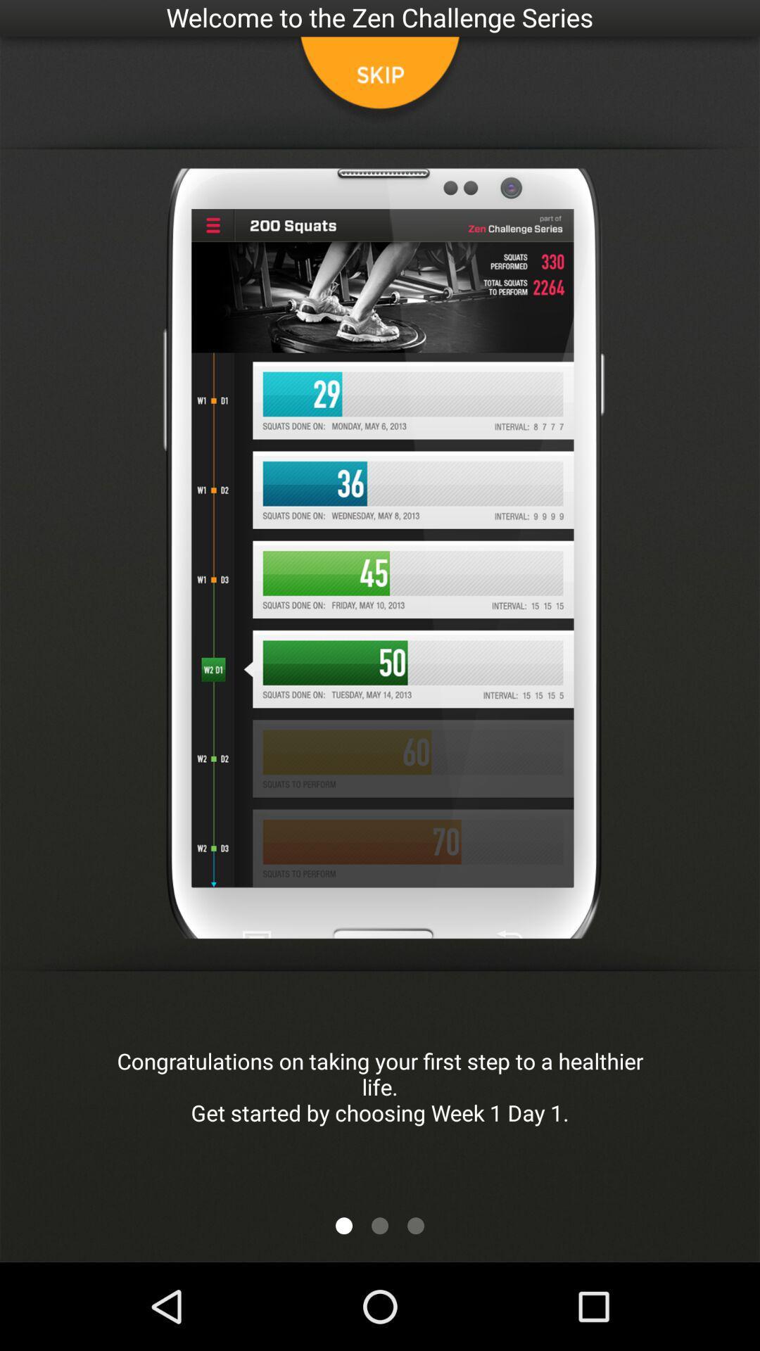 The height and width of the screenshot is (1351, 760). I want to click on 3rd slide, so click(414, 1225).